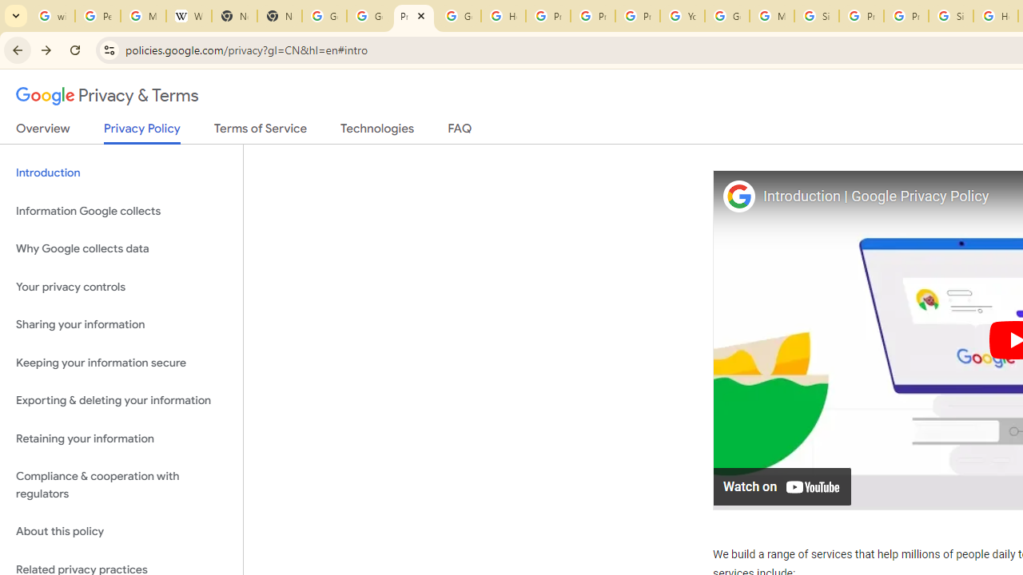 Image resolution: width=1023 pixels, height=575 pixels. What do you see at coordinates (233, 16) in the screenshot?
I see `'New Tab'` at bounding box center [233, 16].